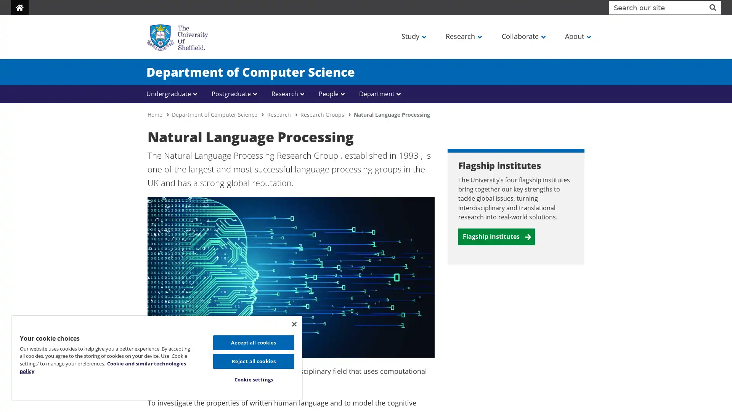 Image resolution: width=732 pixels, height=412 pixels. I want to click on Close, so click(294, 323).